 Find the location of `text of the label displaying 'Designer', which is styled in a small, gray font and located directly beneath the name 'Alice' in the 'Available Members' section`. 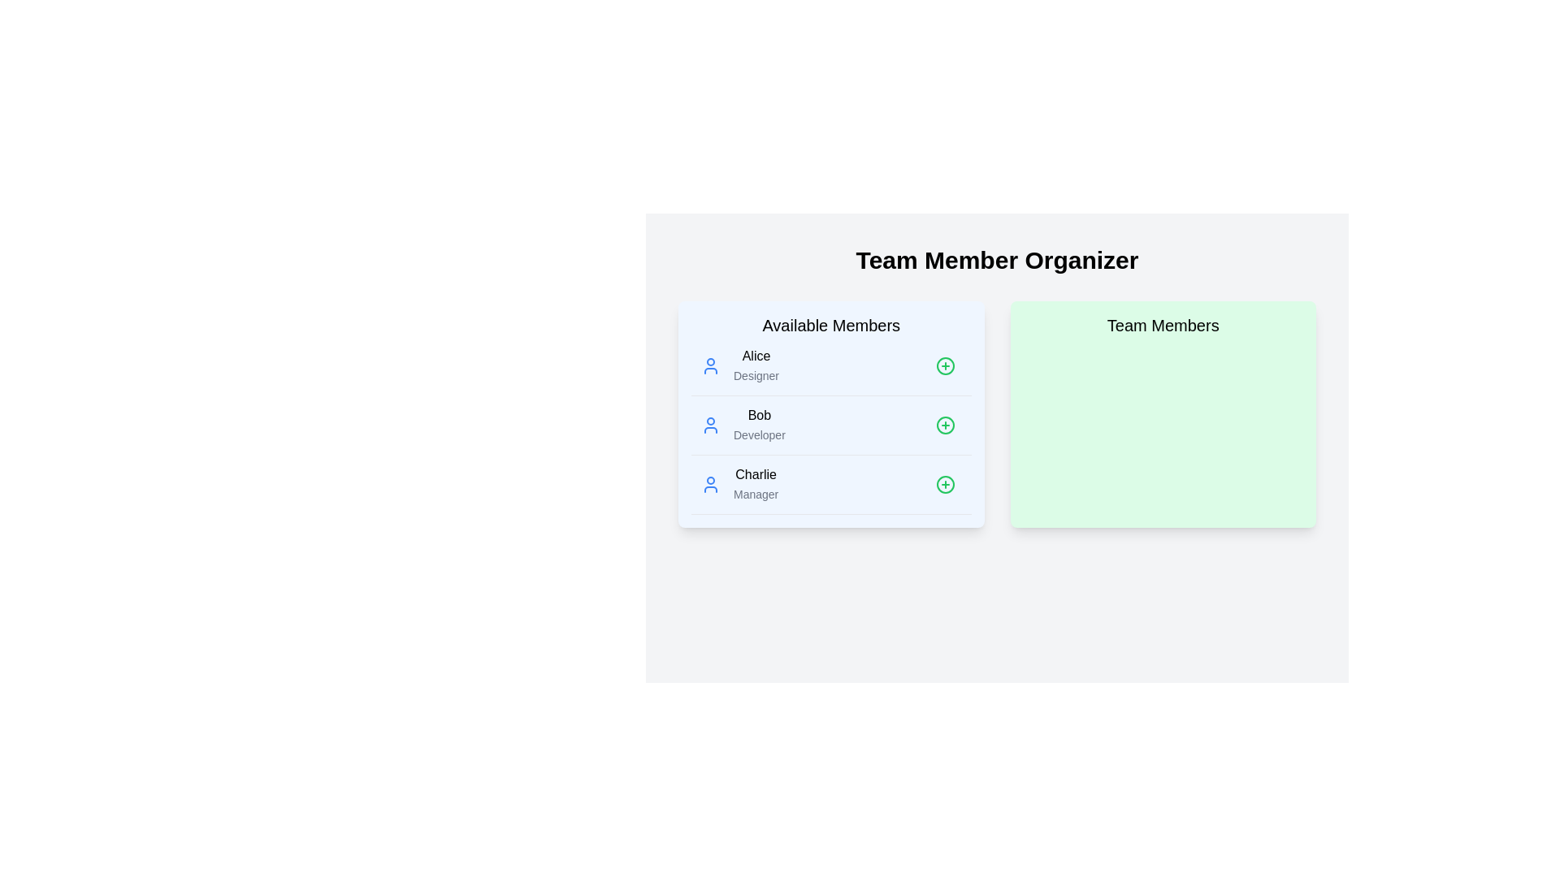

text of the label displaying 'Designer', which is styled in a small, gray font and located directly beneath the name 'Alice' in the 'Available Members' section is located at coordinates (756, 375).